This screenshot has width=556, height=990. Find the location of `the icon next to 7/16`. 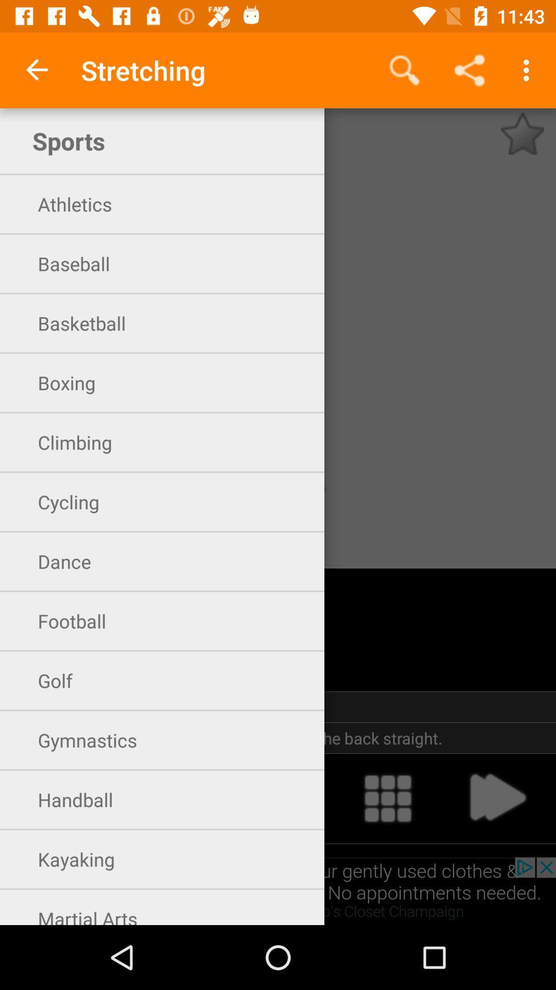

the icon next to 7/16 is located at coordinates (522, 133).